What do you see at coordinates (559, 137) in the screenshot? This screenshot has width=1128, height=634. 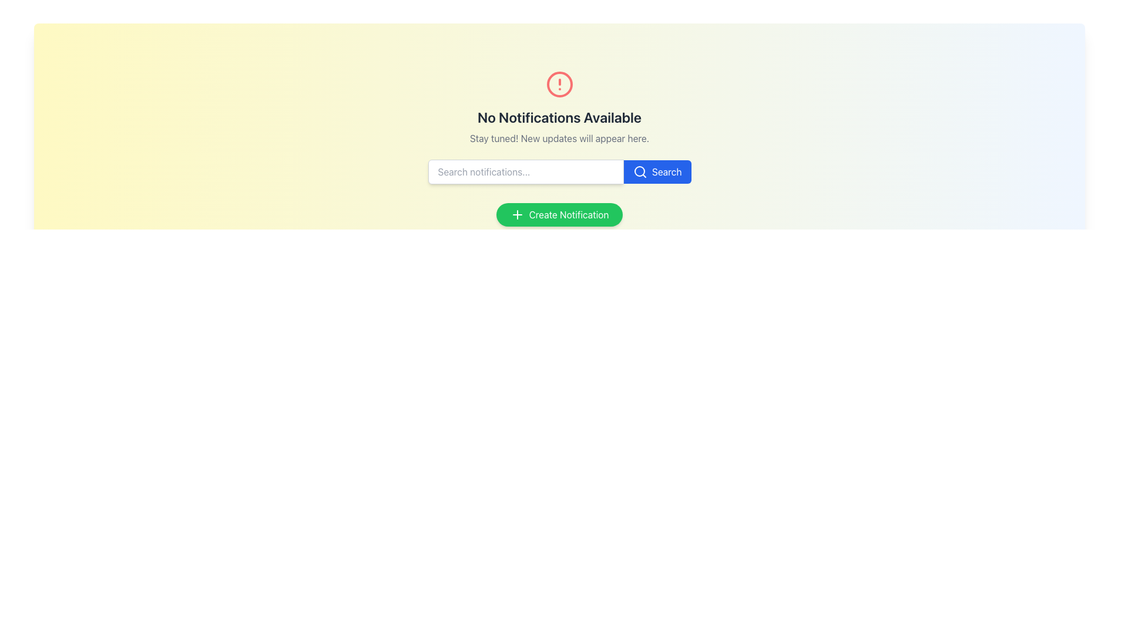 I see `the text label that reads 'Stay tuned! New updates will appear here.' which is positioned below 'No Notifications Available' and above a search bar` at bounding box center [559, 137].